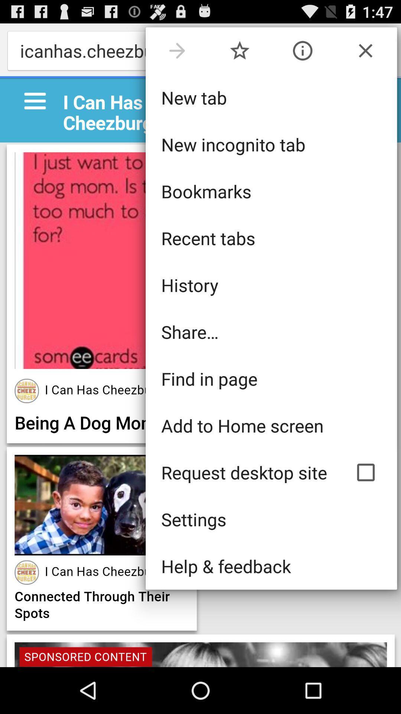 This screenshot has width=401, height=714. Describe the element at coordinates (271, 331) in the screenshot. I see `icon below the history icon` at that location.